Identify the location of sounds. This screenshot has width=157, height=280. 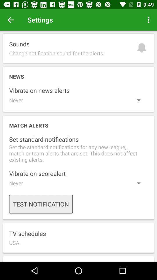
(78, 48).